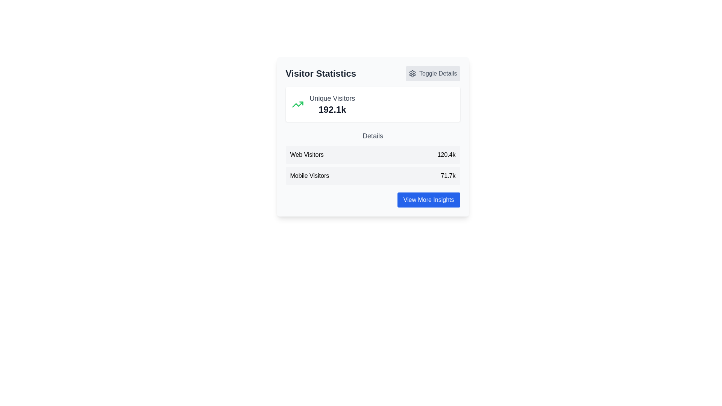 The height and width of the screenshot is (406, 722). What do you see at coordinates (438, 74) in the screenshot?
I see `the 'Toggle Details' text label which is styled in gray font and located adjacent to the gear-shaped icon, part of the 'Visitor Statistics' section` at bounding box center [438, 74].